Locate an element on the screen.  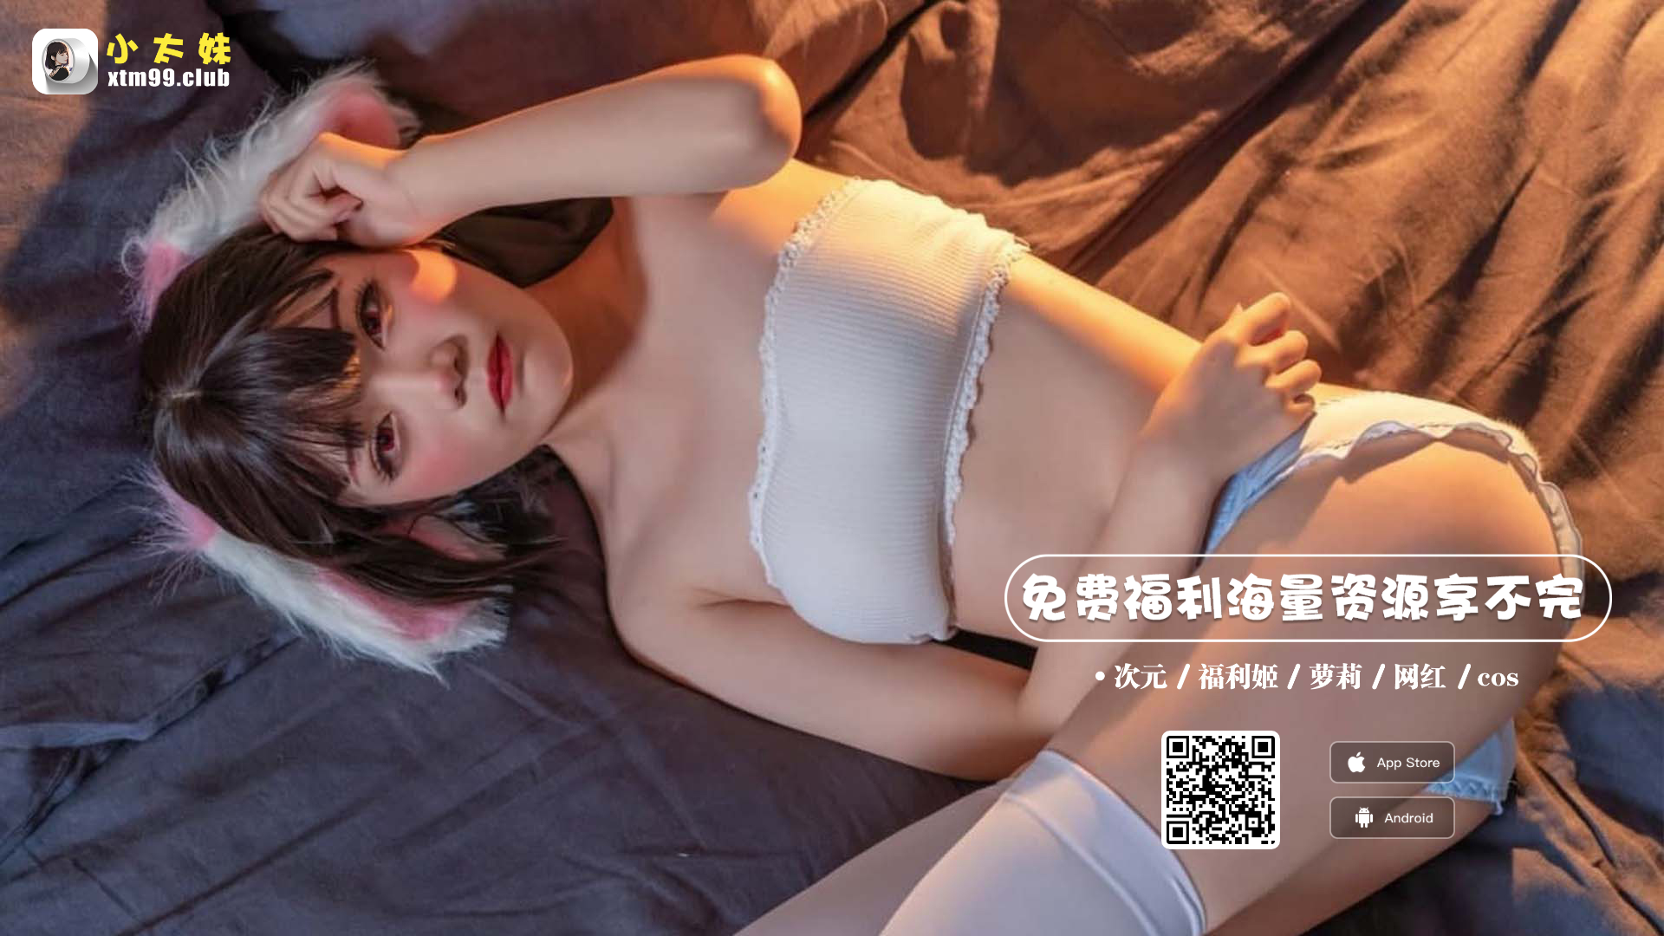
'https://ojjo1ndj.top/?channel_code=OSM03S40' is located at coordinates (1245, 790).